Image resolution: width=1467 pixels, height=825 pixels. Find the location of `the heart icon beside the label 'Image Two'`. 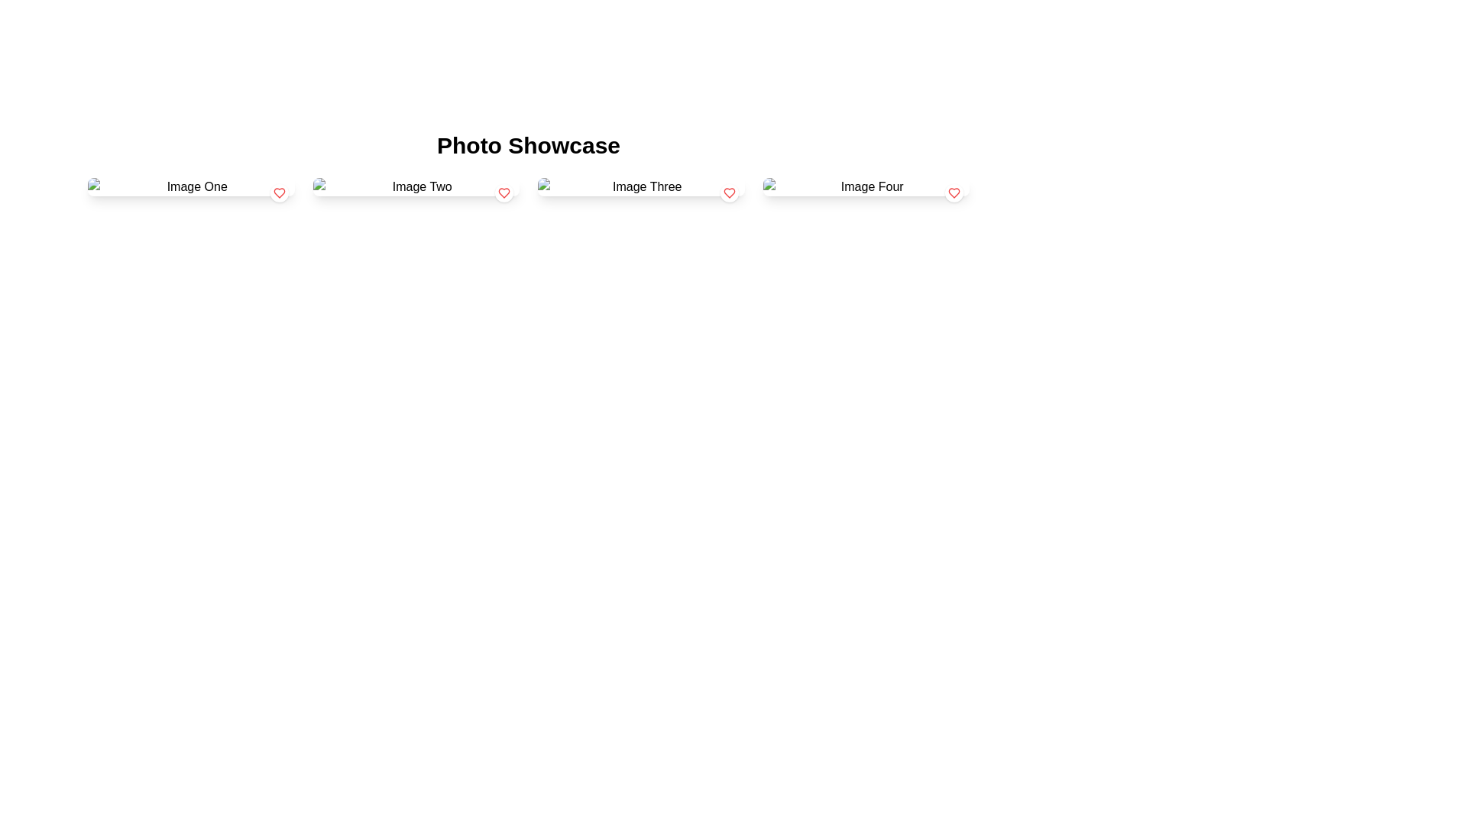

the heart icon beside the label 'Image Two' is located at coordinates (504, 192).